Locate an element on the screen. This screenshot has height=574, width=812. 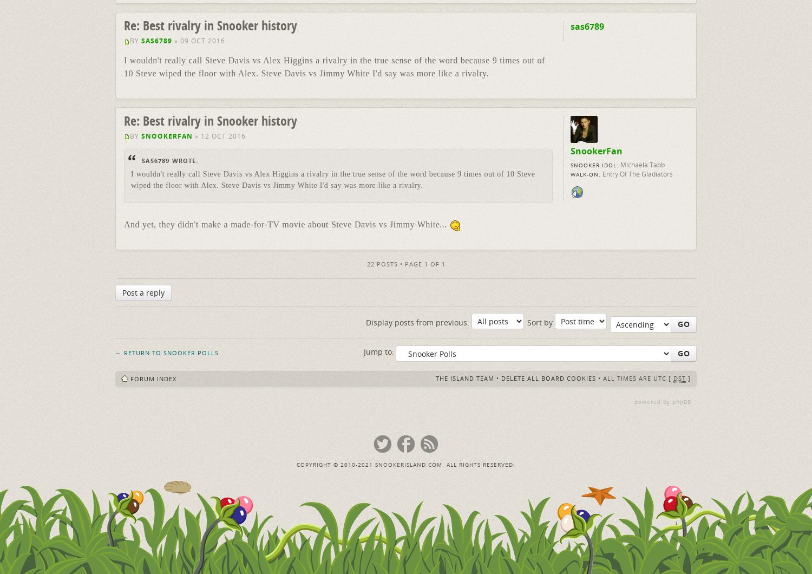
'Forum Index' is located at coordinates (153, 377).